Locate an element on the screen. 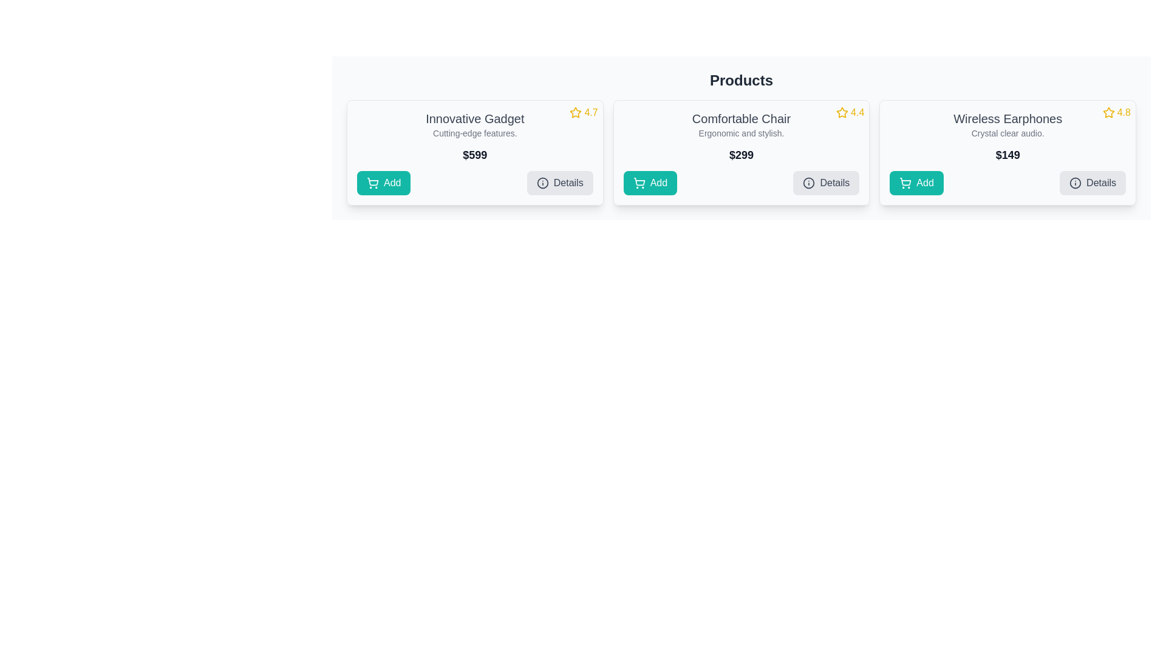  the shopping cart icon within the 'Add' button located in the second product card from the left is located at coordinates (638, 181).